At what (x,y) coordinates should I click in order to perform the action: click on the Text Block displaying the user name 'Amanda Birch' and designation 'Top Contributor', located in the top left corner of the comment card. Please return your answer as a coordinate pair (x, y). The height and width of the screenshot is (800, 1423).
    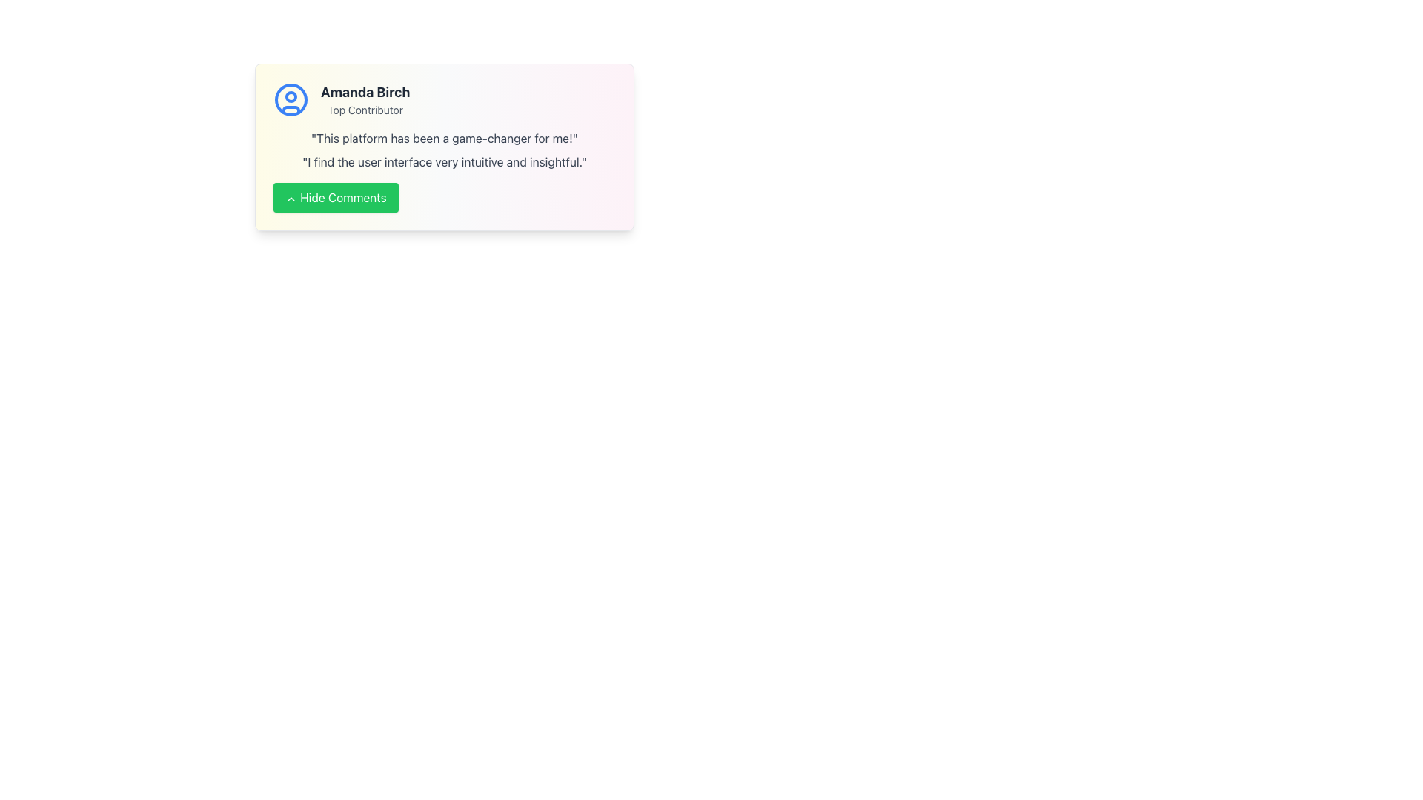
    Looking at the image, I should click on (365, 100).